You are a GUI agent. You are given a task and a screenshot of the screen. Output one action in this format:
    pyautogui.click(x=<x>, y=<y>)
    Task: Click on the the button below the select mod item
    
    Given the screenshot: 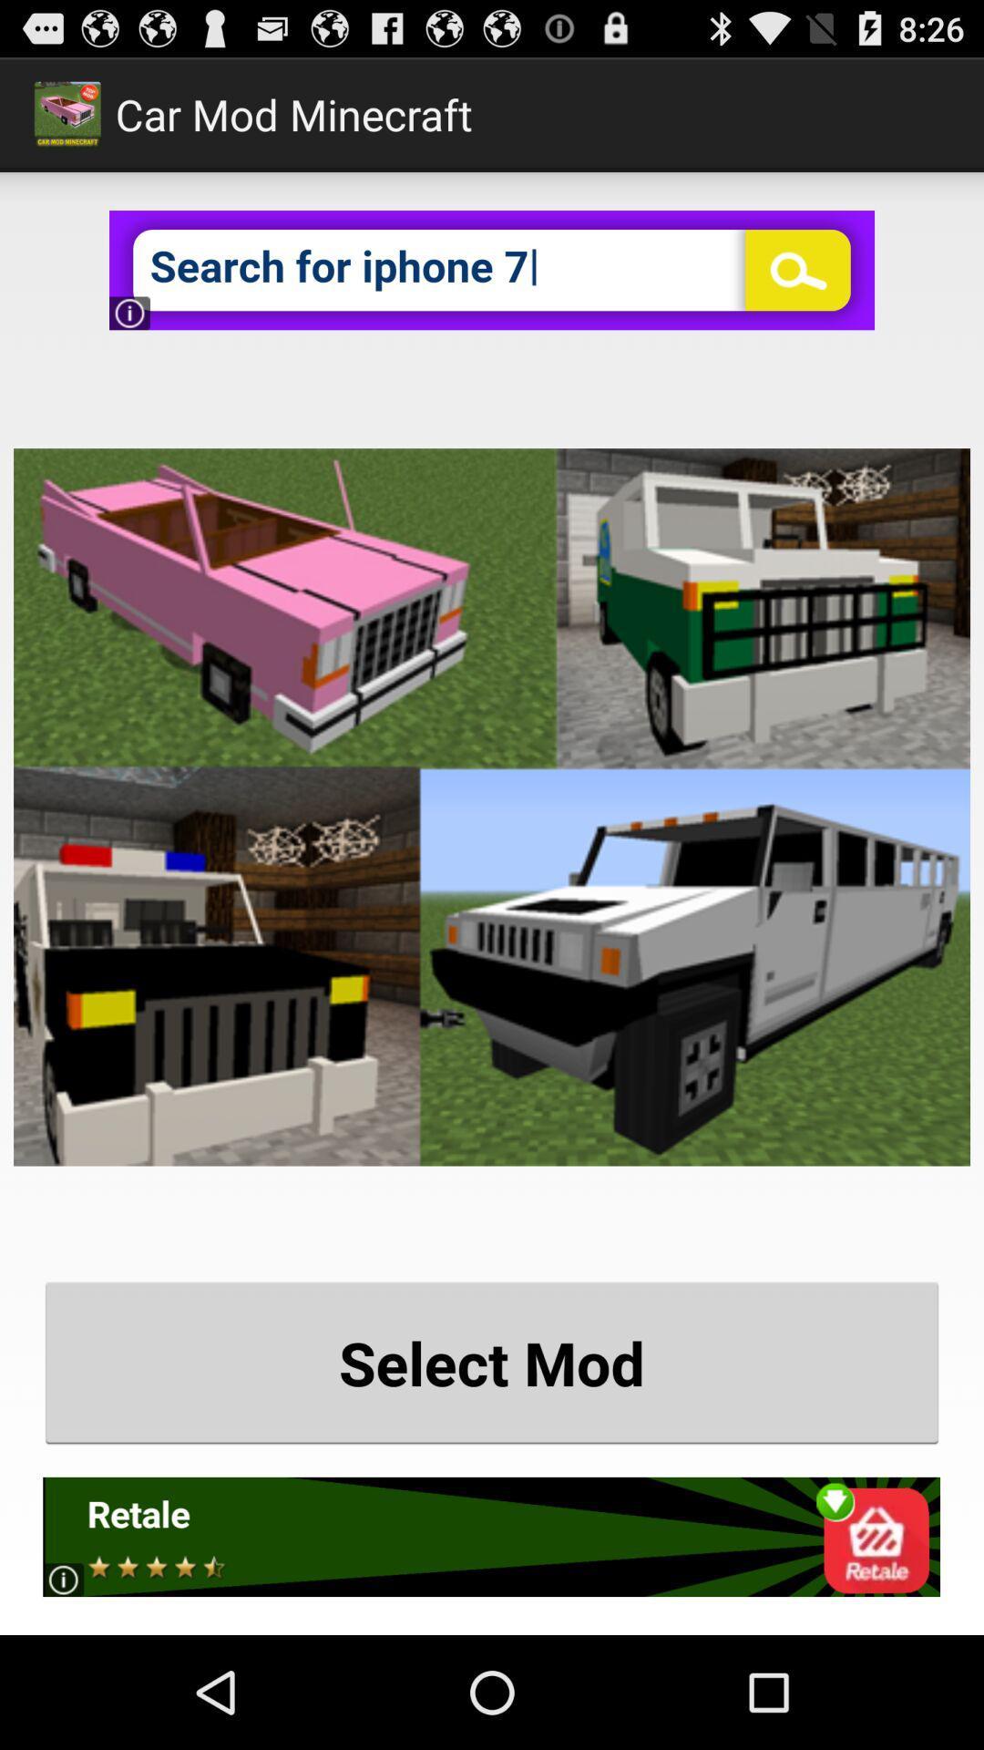 What is the action you would take?
    pyautogui.click(x=490, y=1536)
    